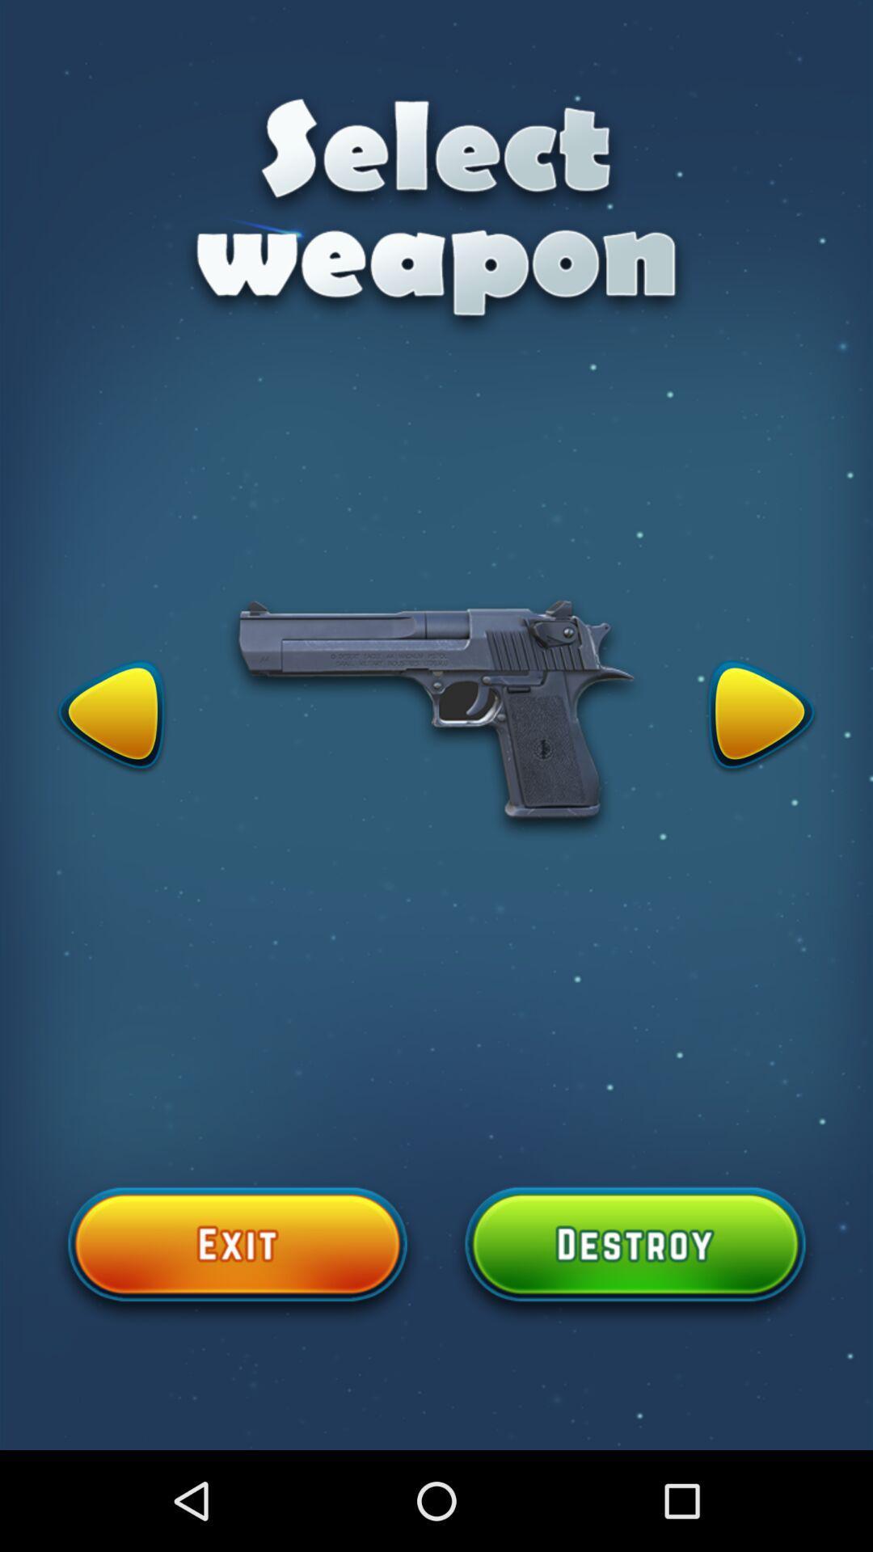 This screenshot has height=1552, width=873. I want to click on switch weapon, so click(761, 717).